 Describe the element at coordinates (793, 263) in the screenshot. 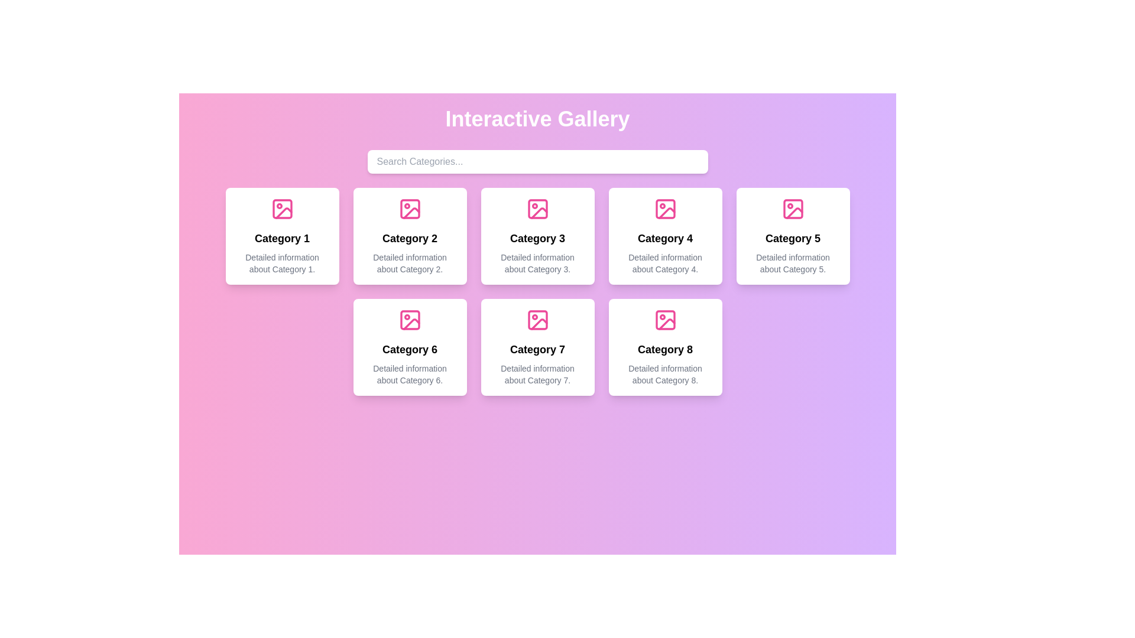

I see `descriptive text label located at the bottom of the 'Category 5' card, centered horizontally below the title text` at that location.